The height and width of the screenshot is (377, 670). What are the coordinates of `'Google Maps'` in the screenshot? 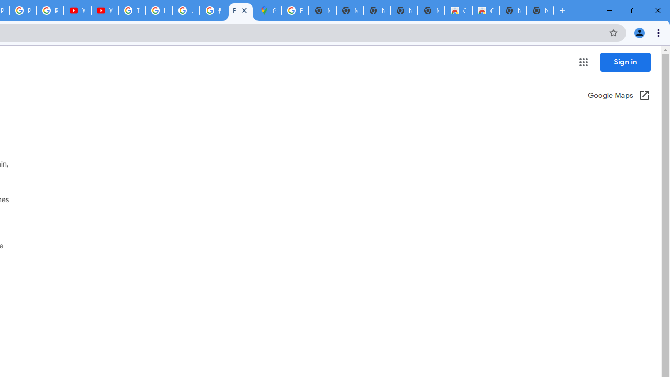 It's located at (268, 10).